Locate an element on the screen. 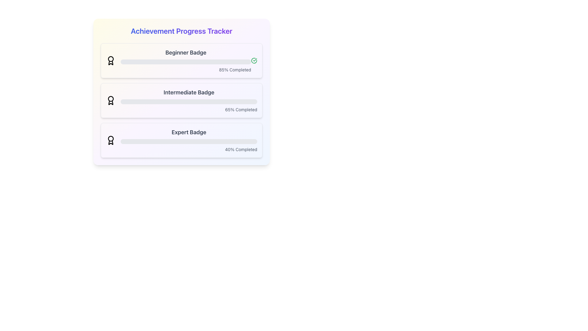 Image resolution: width=588 pixels, height=331 pixels. the progress bar indicating 85% completion for the 'Beginner Badge' section in the bordered card layout is located at coordinates (185, 60).